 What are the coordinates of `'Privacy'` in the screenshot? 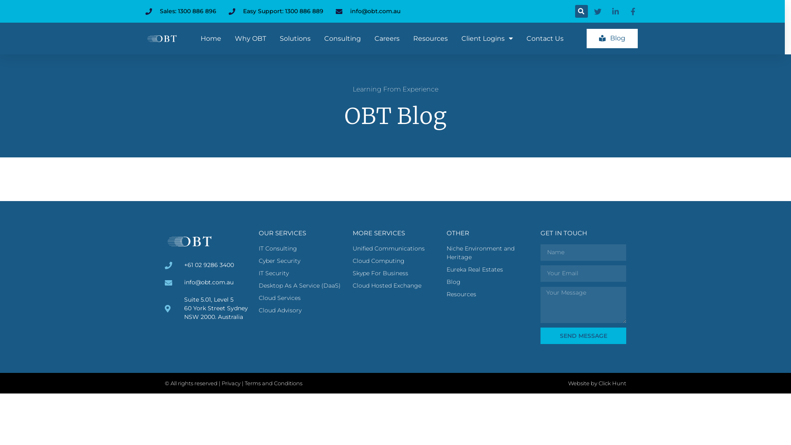 It's located at (231, 383).